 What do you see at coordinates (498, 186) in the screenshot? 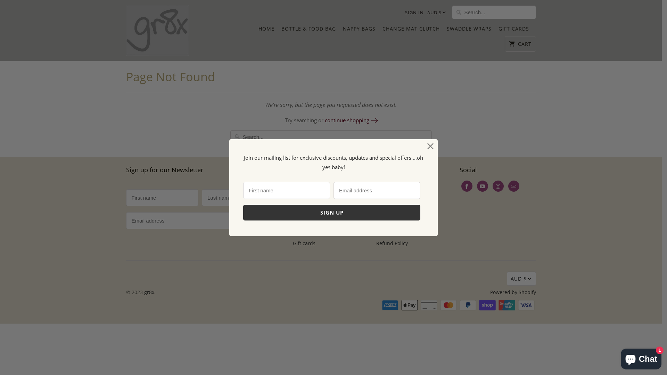
I see `'gr8x on Instagram'` at bounding box center [498, 186].